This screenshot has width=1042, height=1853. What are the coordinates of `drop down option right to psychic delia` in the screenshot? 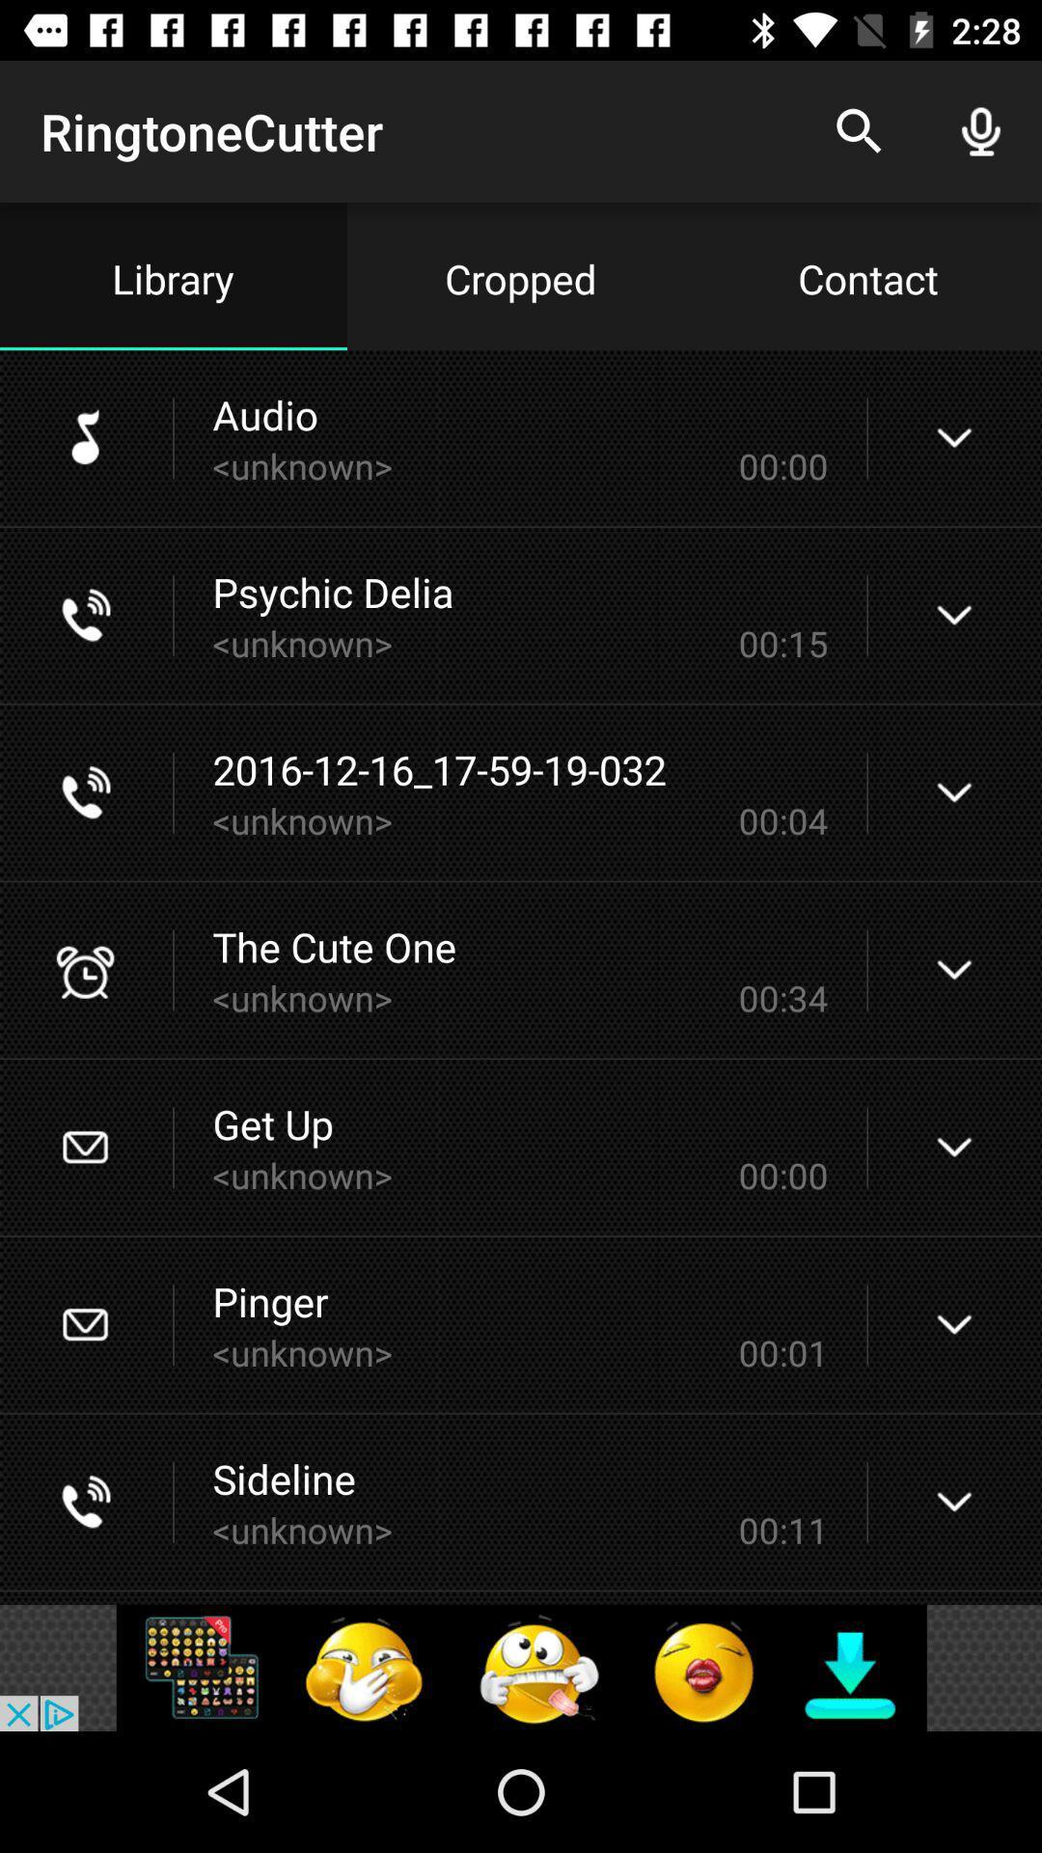 It's located at (955, 615).